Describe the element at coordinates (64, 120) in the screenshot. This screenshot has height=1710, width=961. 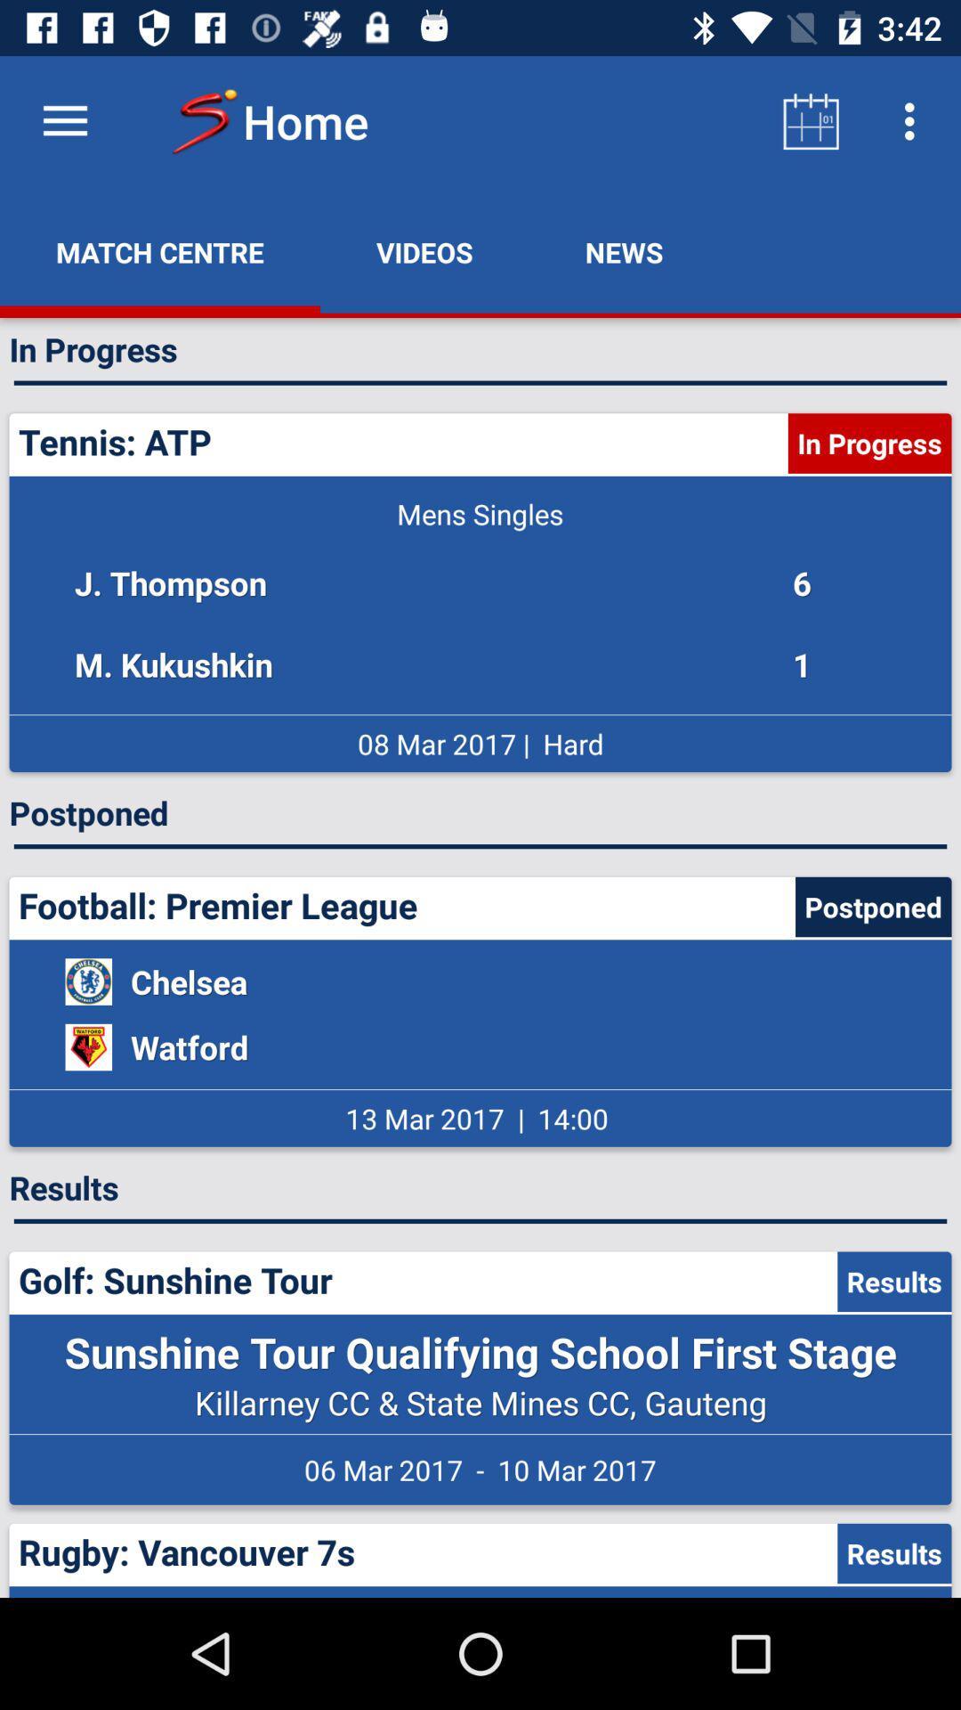
I see `menu` at that location.